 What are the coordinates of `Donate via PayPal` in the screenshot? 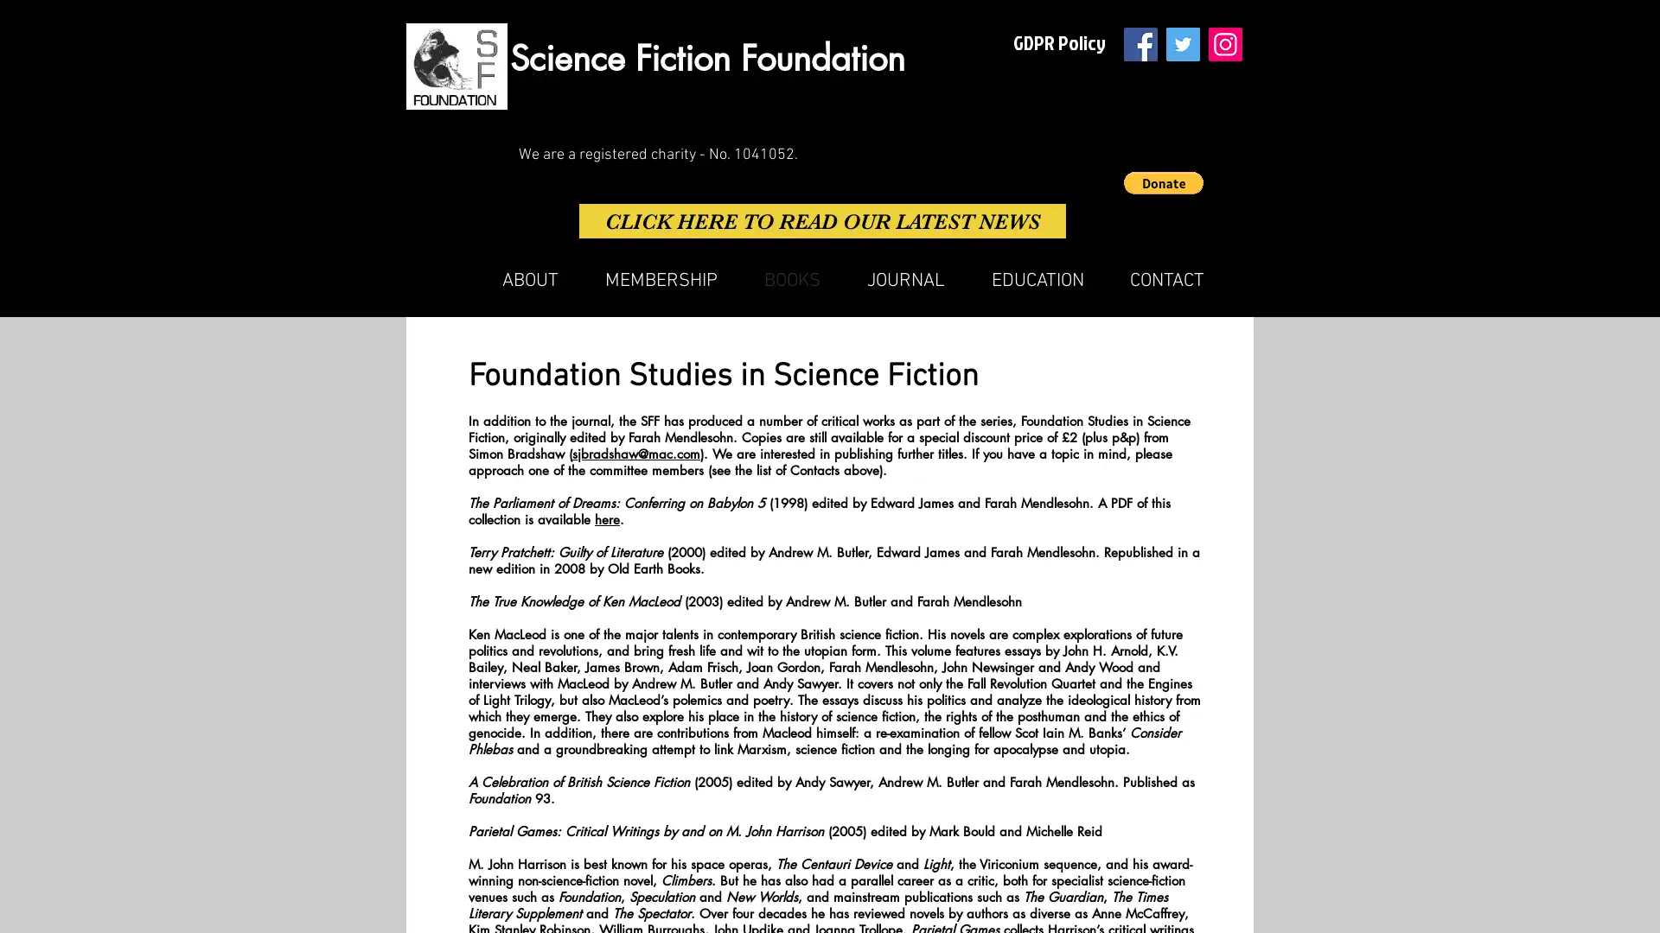 It's located at (1163, 183).